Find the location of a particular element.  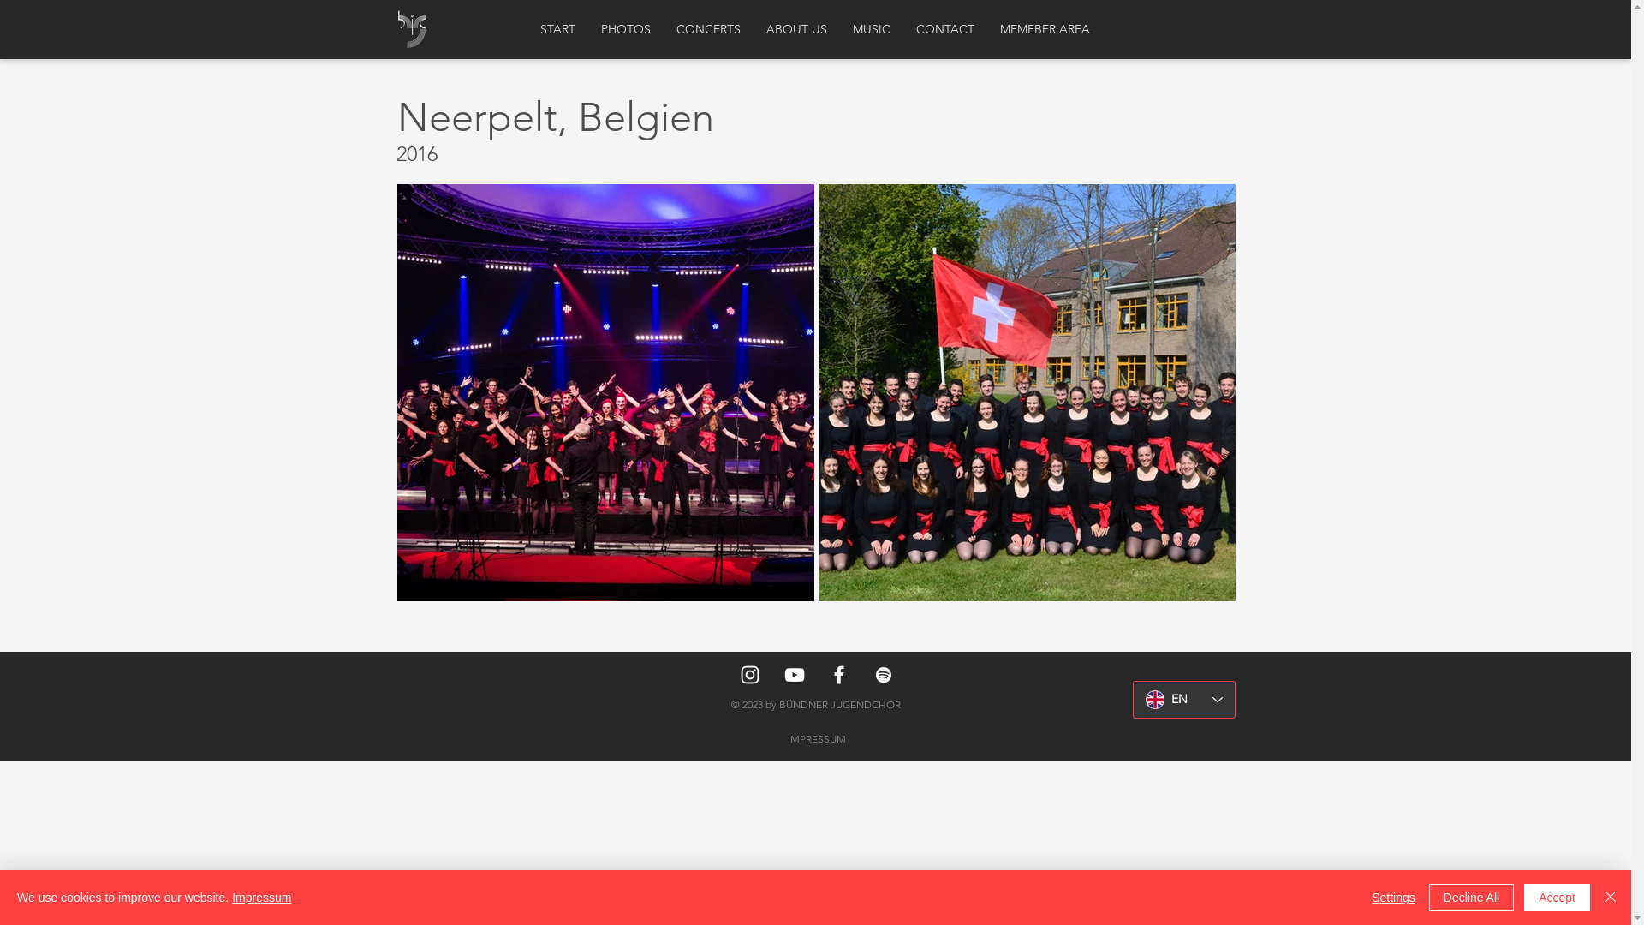

'ABOUT US' is located at coordinates (753, 29).